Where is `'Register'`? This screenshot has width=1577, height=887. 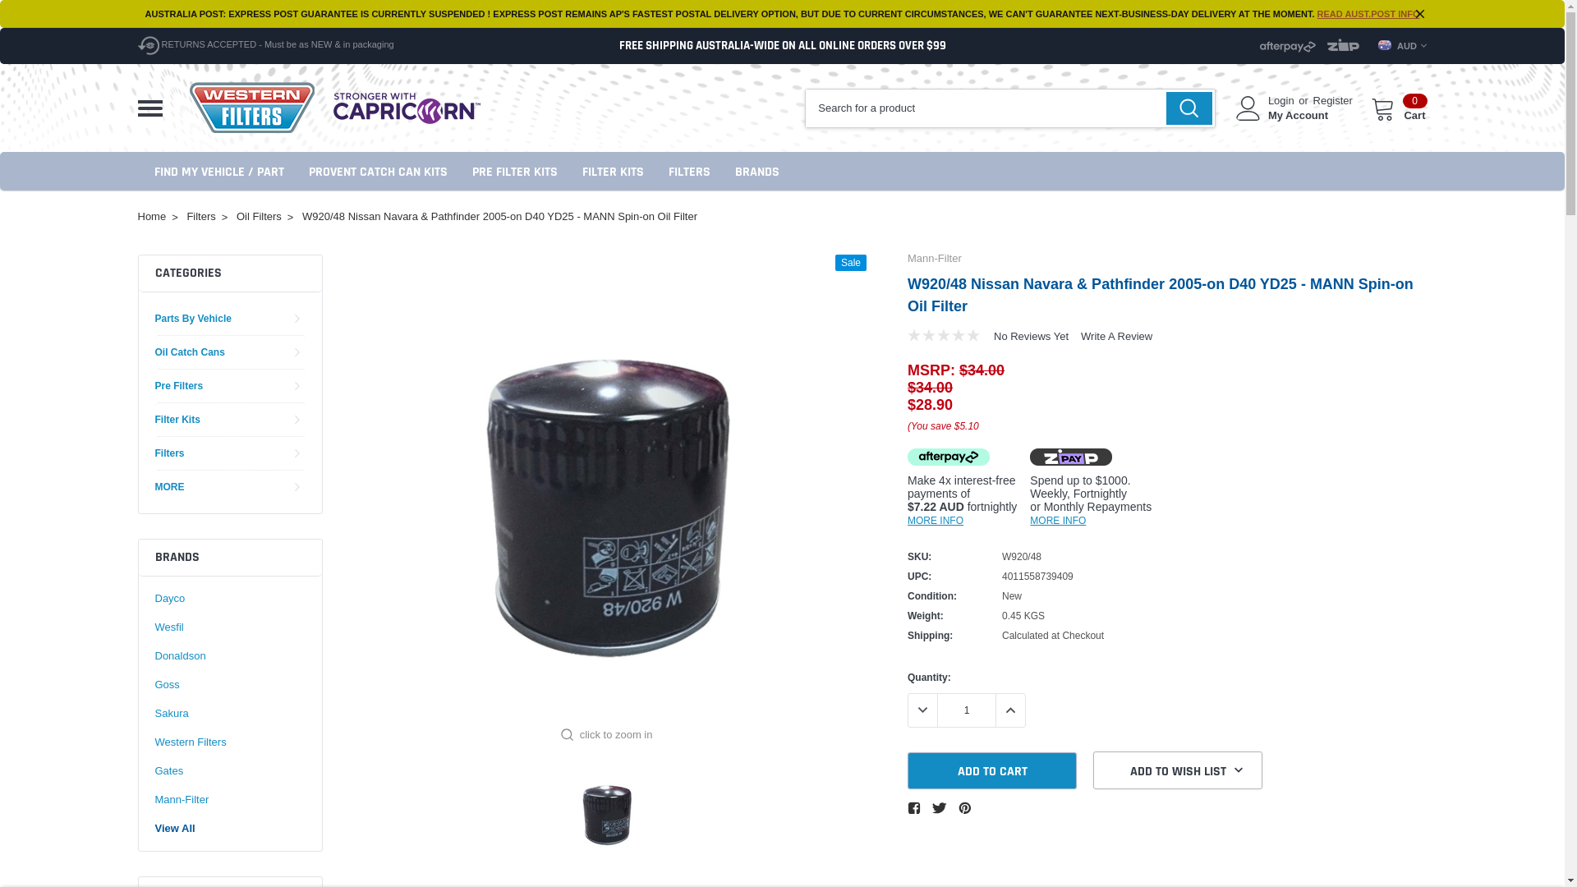 'Register' is located at coordinates (1312, 101).